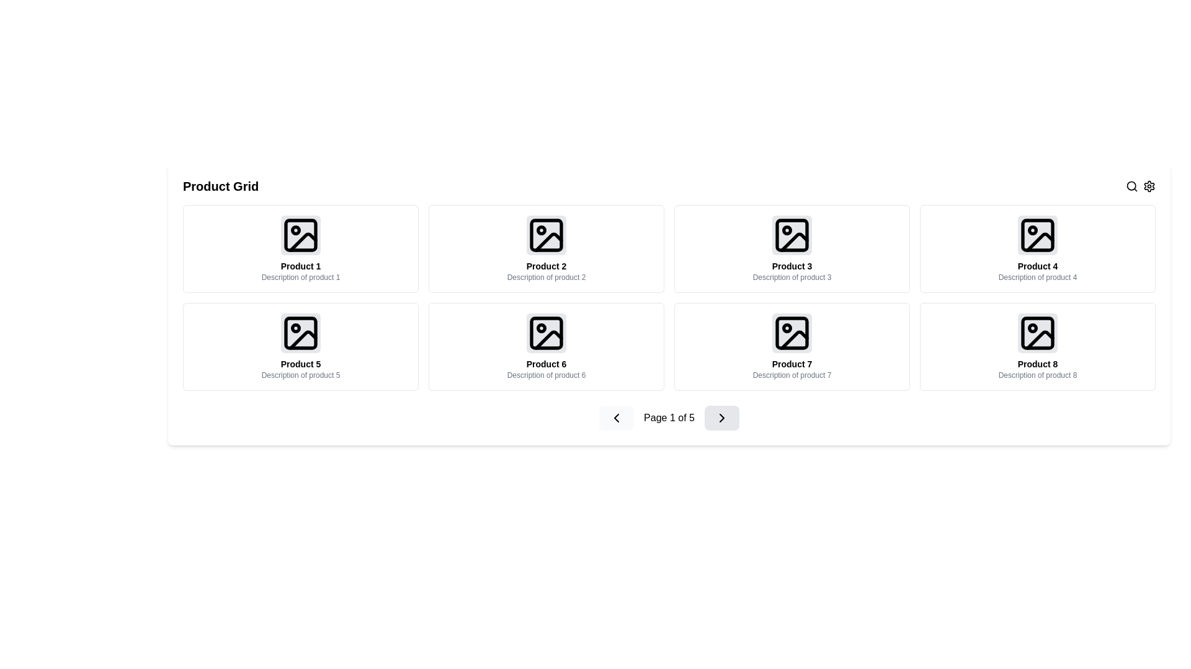 The width and height of the screenshot is (1191, 669). I want to click on the stylistic visual element in the image icon for 'Product 1', located in the top-left corner cell of the grid layout, so click(303, 242).